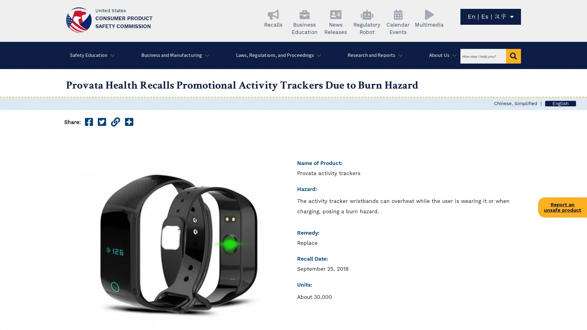  Describe the element at coordinates (441, 55) in the screenshot. I see `About Us` at that location.